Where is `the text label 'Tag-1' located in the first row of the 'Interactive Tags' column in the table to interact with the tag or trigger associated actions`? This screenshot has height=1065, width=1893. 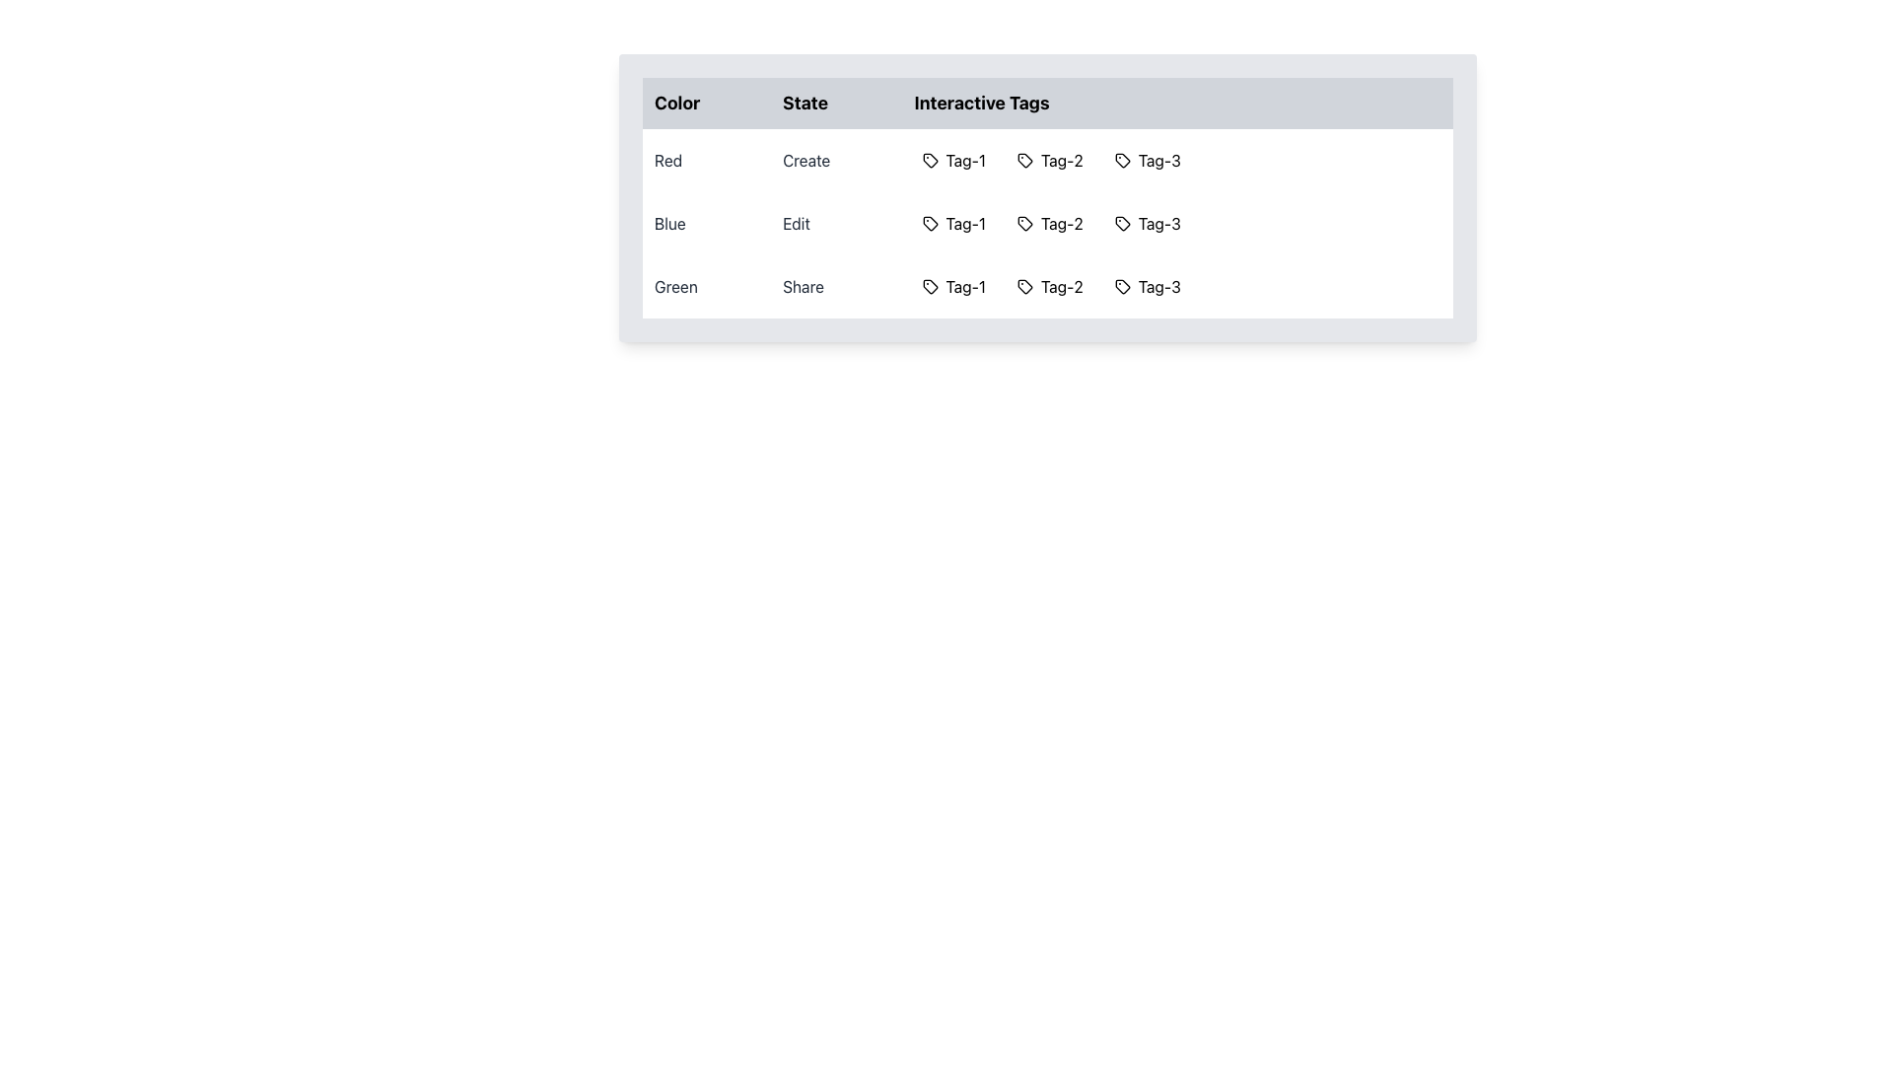
the text label 'Tag-1' located in the first row of the 'Interactive Tags' column in the table to interact with the tag or trigger associated actions is located at coordinates (965, 159).